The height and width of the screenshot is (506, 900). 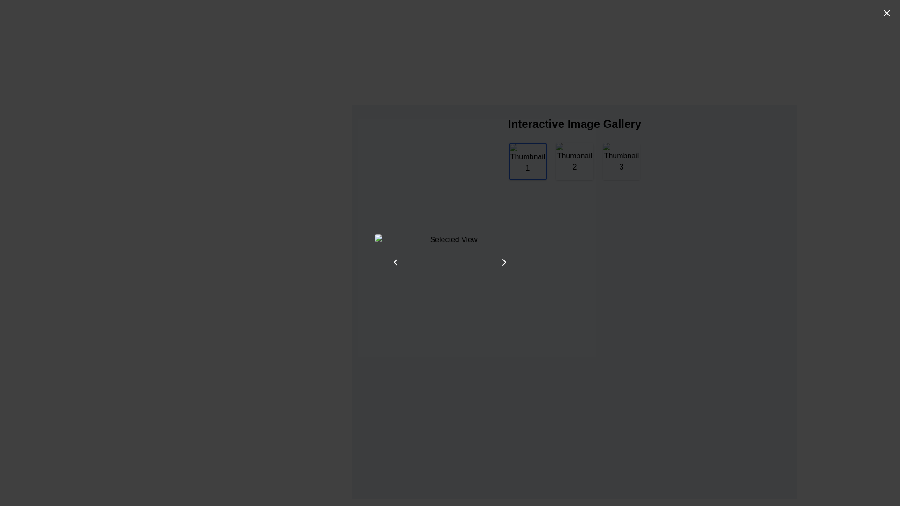 What do you see at coordinates (621, 161) in the screenshot?
I see `the third thumbnail image in the gallery to trigger a visual scale effect` at bounding box center [621, 161].